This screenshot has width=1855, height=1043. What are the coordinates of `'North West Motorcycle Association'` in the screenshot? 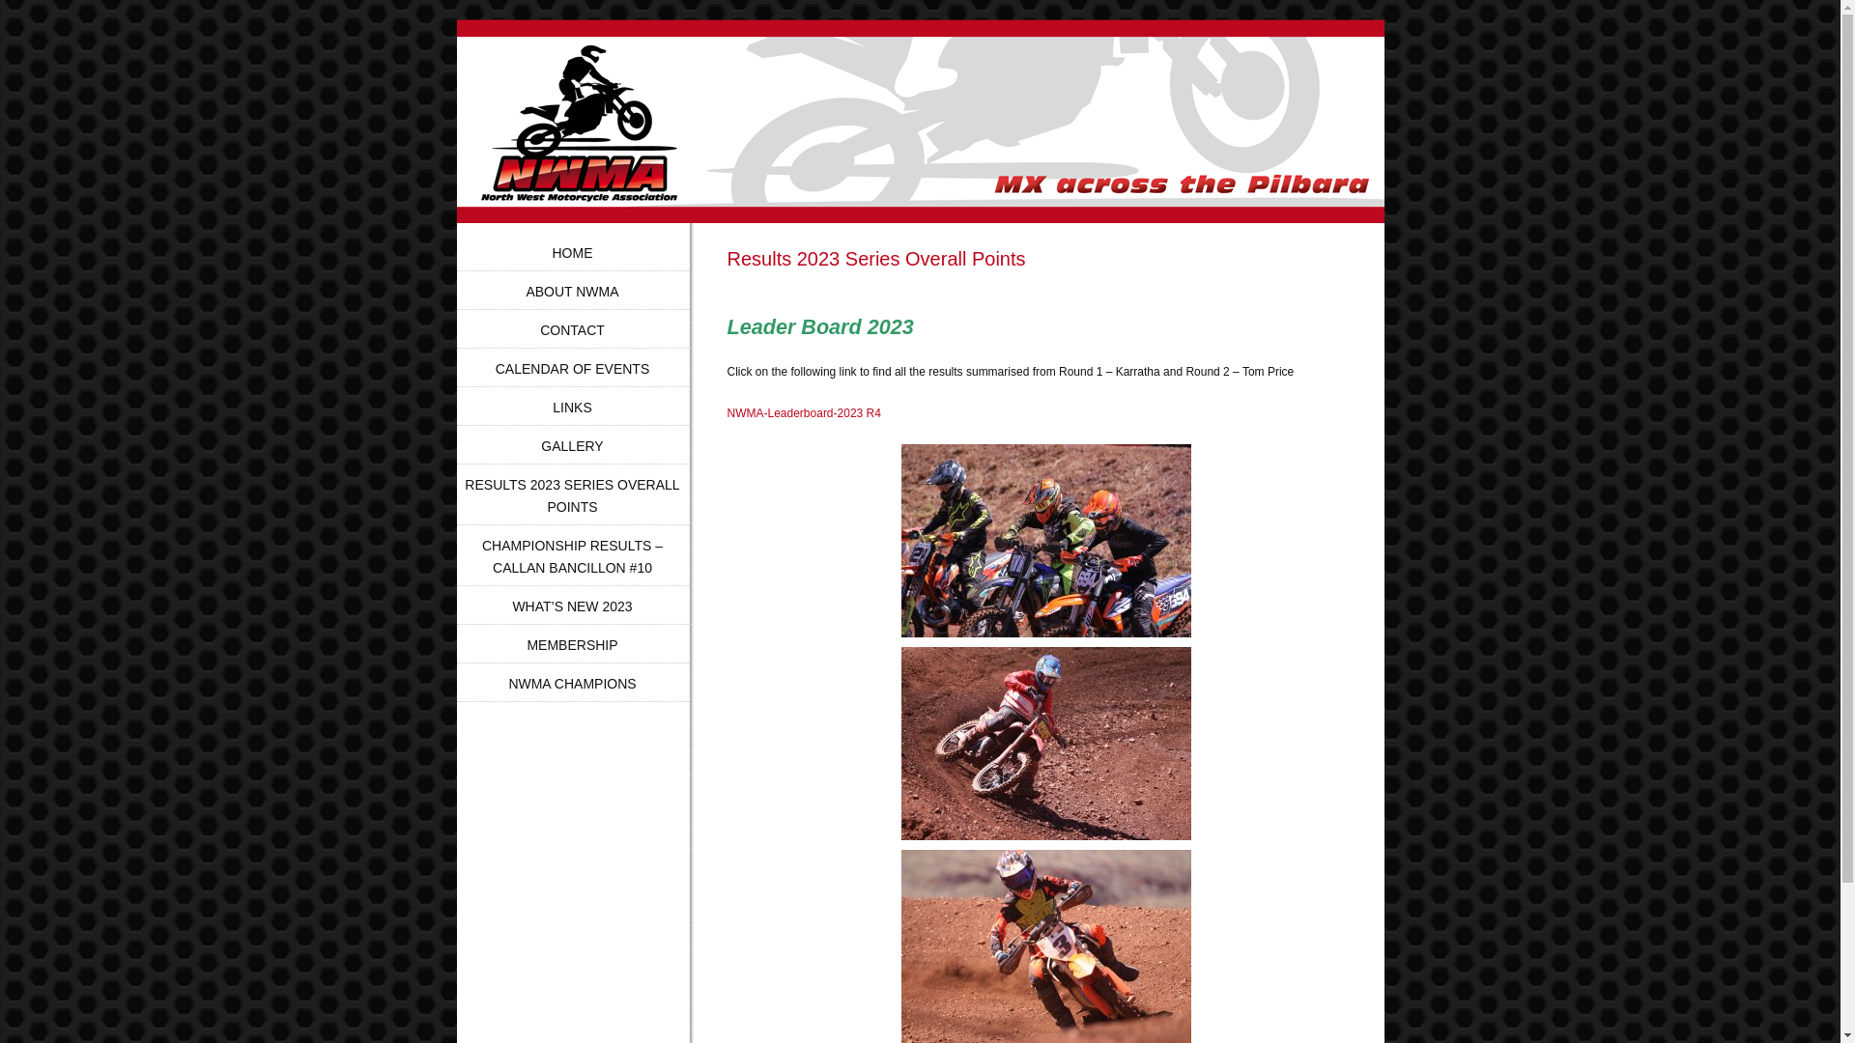 It's located at (627, 132).